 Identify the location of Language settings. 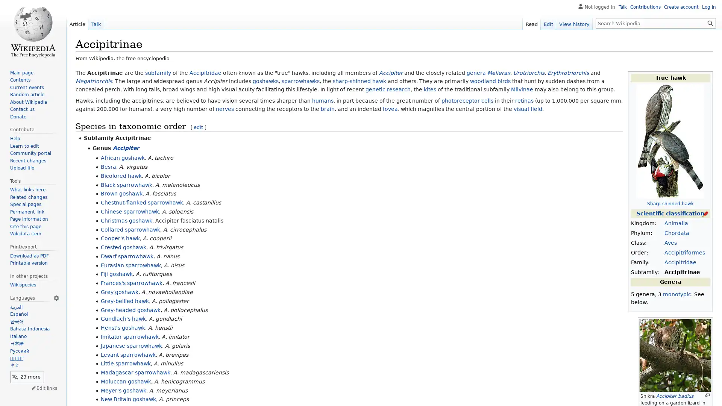
(56, 297).